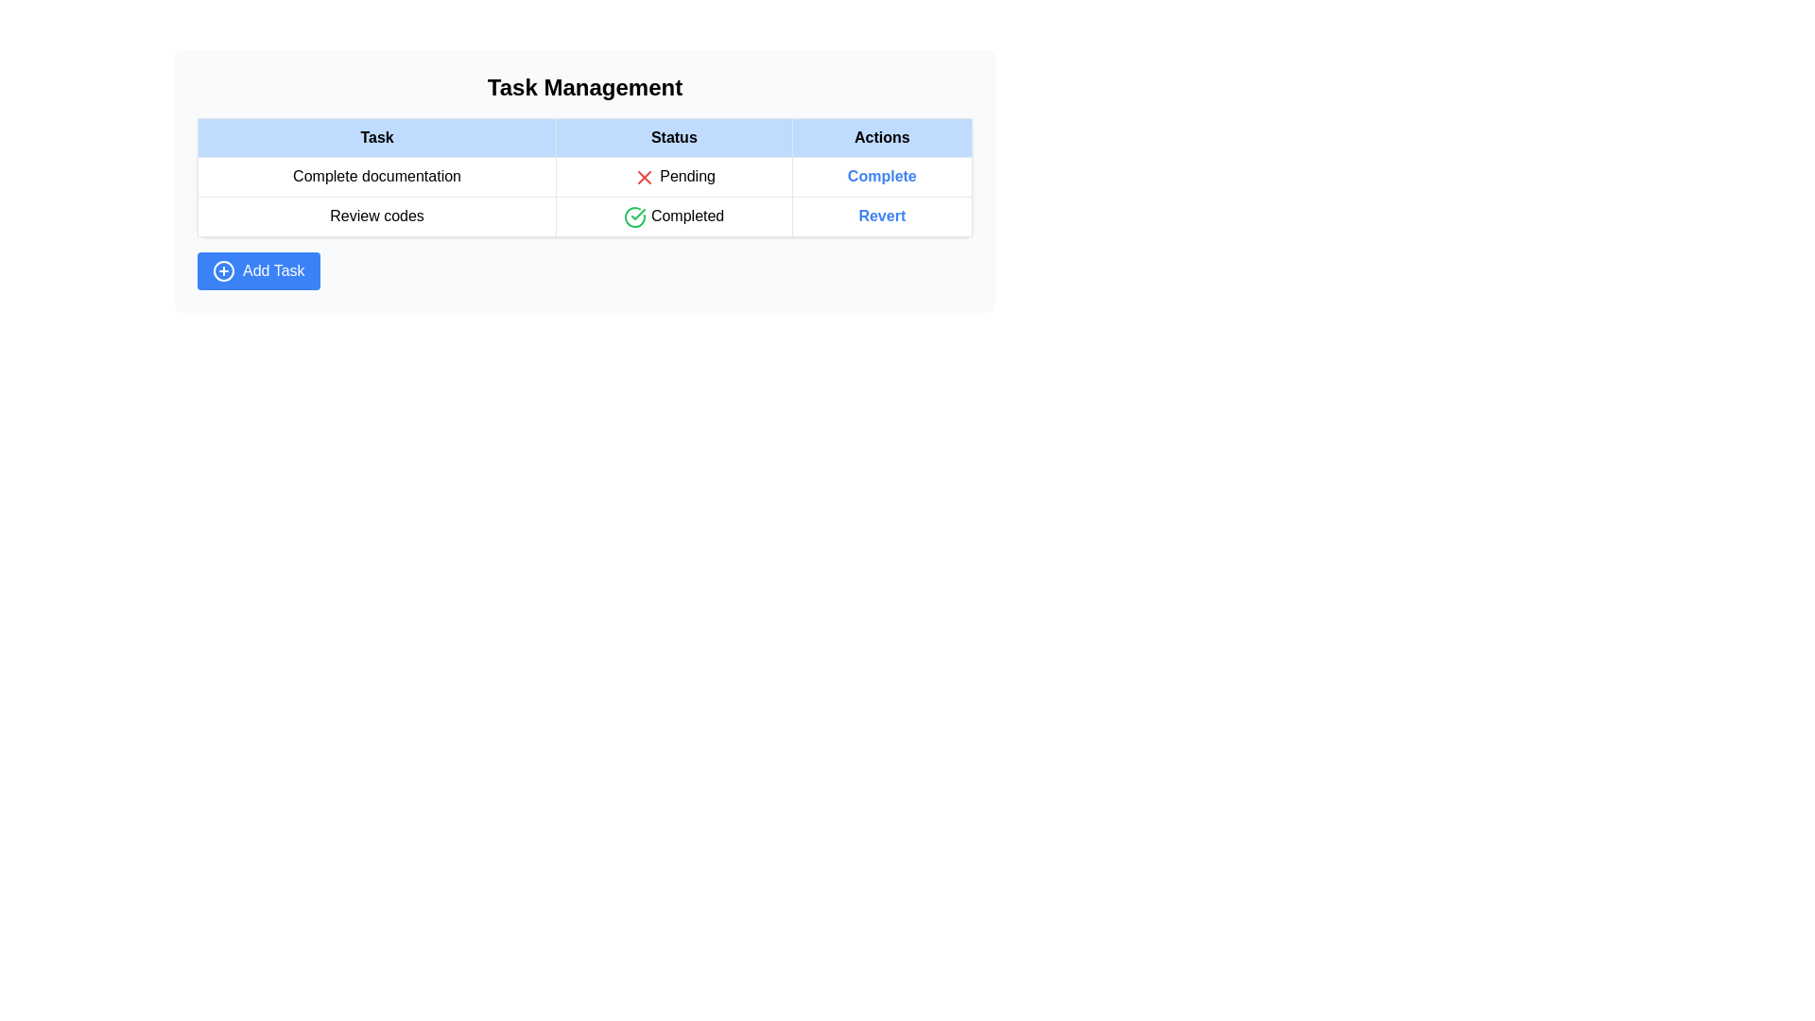 The height and width of the screenshot is (1021, 1815). What do you see at coordinates (881, 177) in the screenshot?
I see `the blue, underlined hyperlink reading 'Complete' in the 'Actions' column of the first row in the 'Task Management' section` at bounding box center [881, 177].